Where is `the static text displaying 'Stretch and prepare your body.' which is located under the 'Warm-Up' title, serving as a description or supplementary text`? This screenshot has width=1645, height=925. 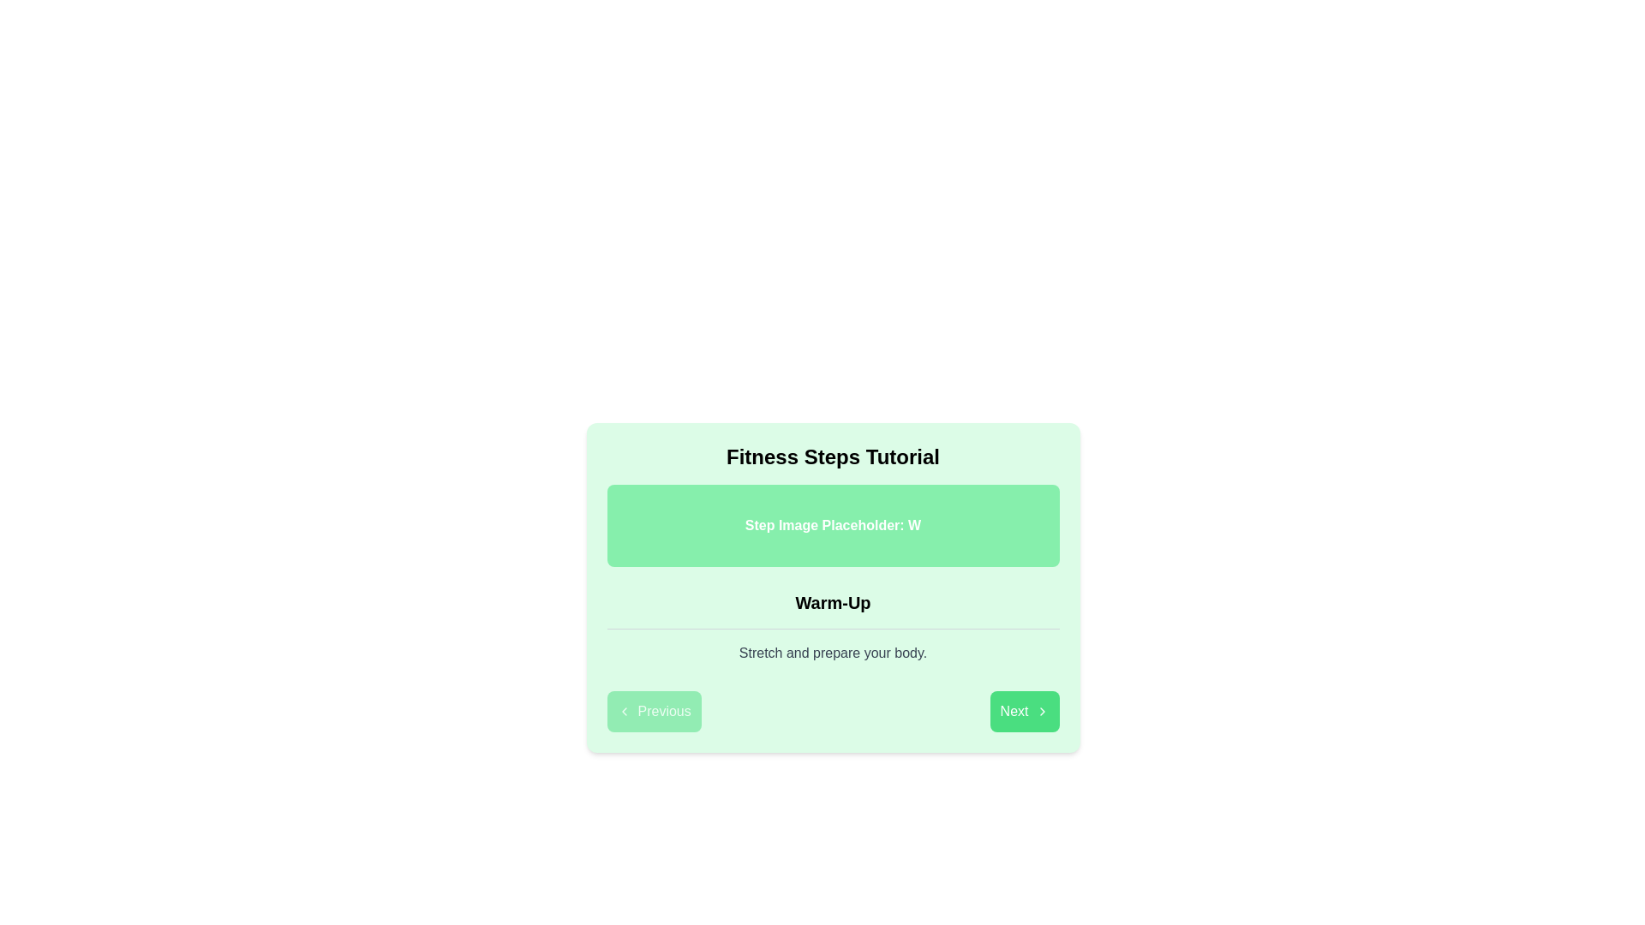
the static text displaying 'Stretch and prepare your body.' which is located under the 'Warm-Up' title, serving as a description or supplementary text is located at coordinates (833, 653).